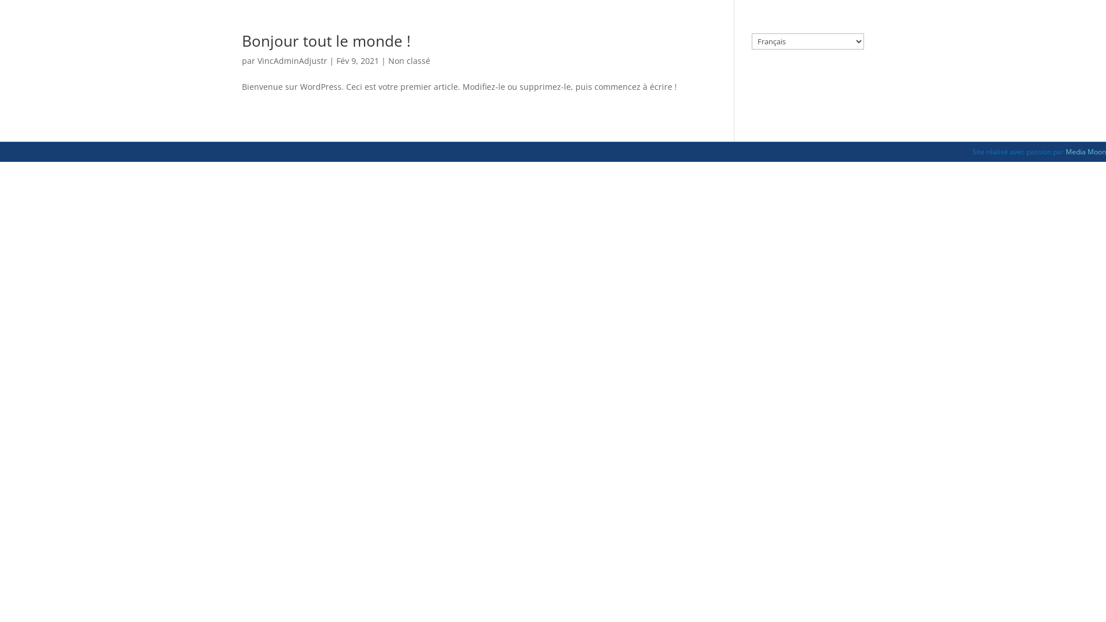 The image size is (1106, 622). What do you see at coordinates (325, 40) in the screenshot?
I see `'Bonjour tout le monde !'` at bounding box center [325, 40].